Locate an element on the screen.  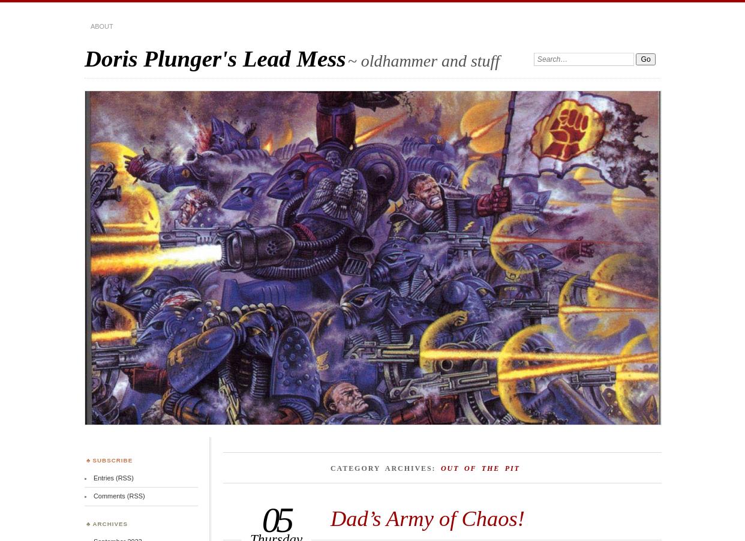
'~ oldhammer and stuff' is located at coordinates (423, 61).